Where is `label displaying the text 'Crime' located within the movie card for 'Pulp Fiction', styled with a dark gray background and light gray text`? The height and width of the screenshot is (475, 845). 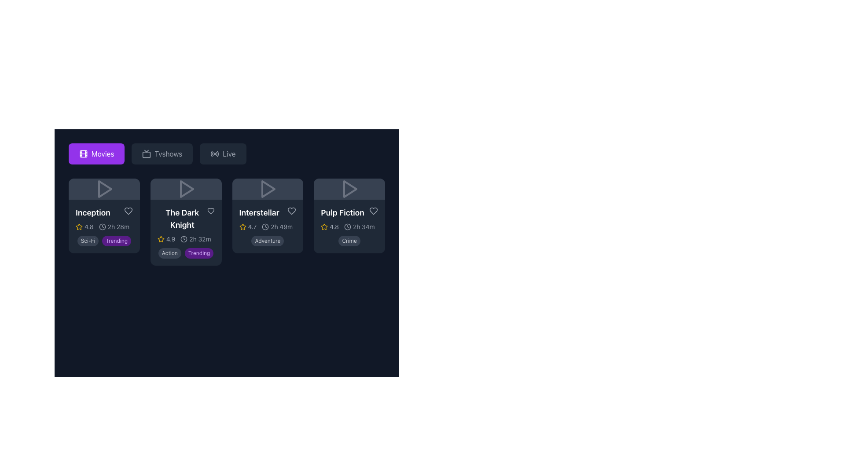 label displaying the text 'Crime' located within the movie card for 'Pulp Fiction', styled with a dark gray background and light gray text is located at coordinates (349, 241).